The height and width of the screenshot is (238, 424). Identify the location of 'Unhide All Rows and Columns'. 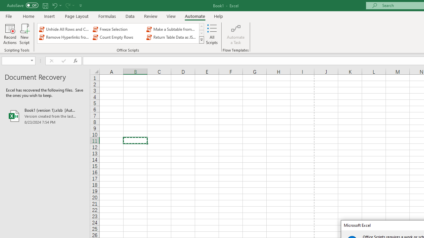
(65, 29).